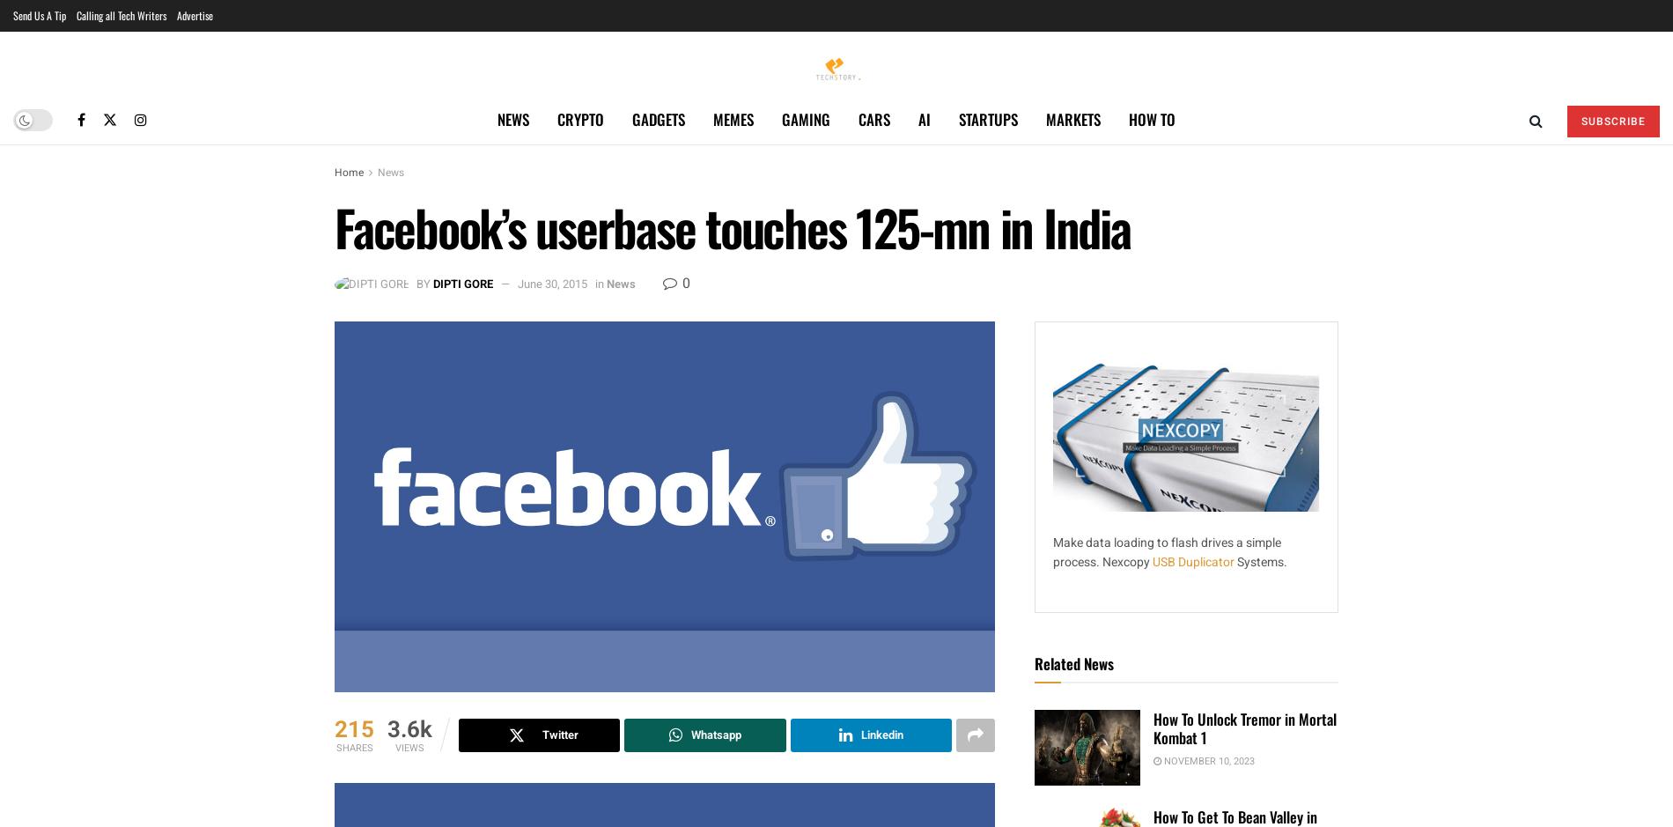 The width and height of the screenshot is (1673, 827). Describe the element at coordinates (1206, 759) in the screenshot. I see `'November 10, 2023'` at that location.